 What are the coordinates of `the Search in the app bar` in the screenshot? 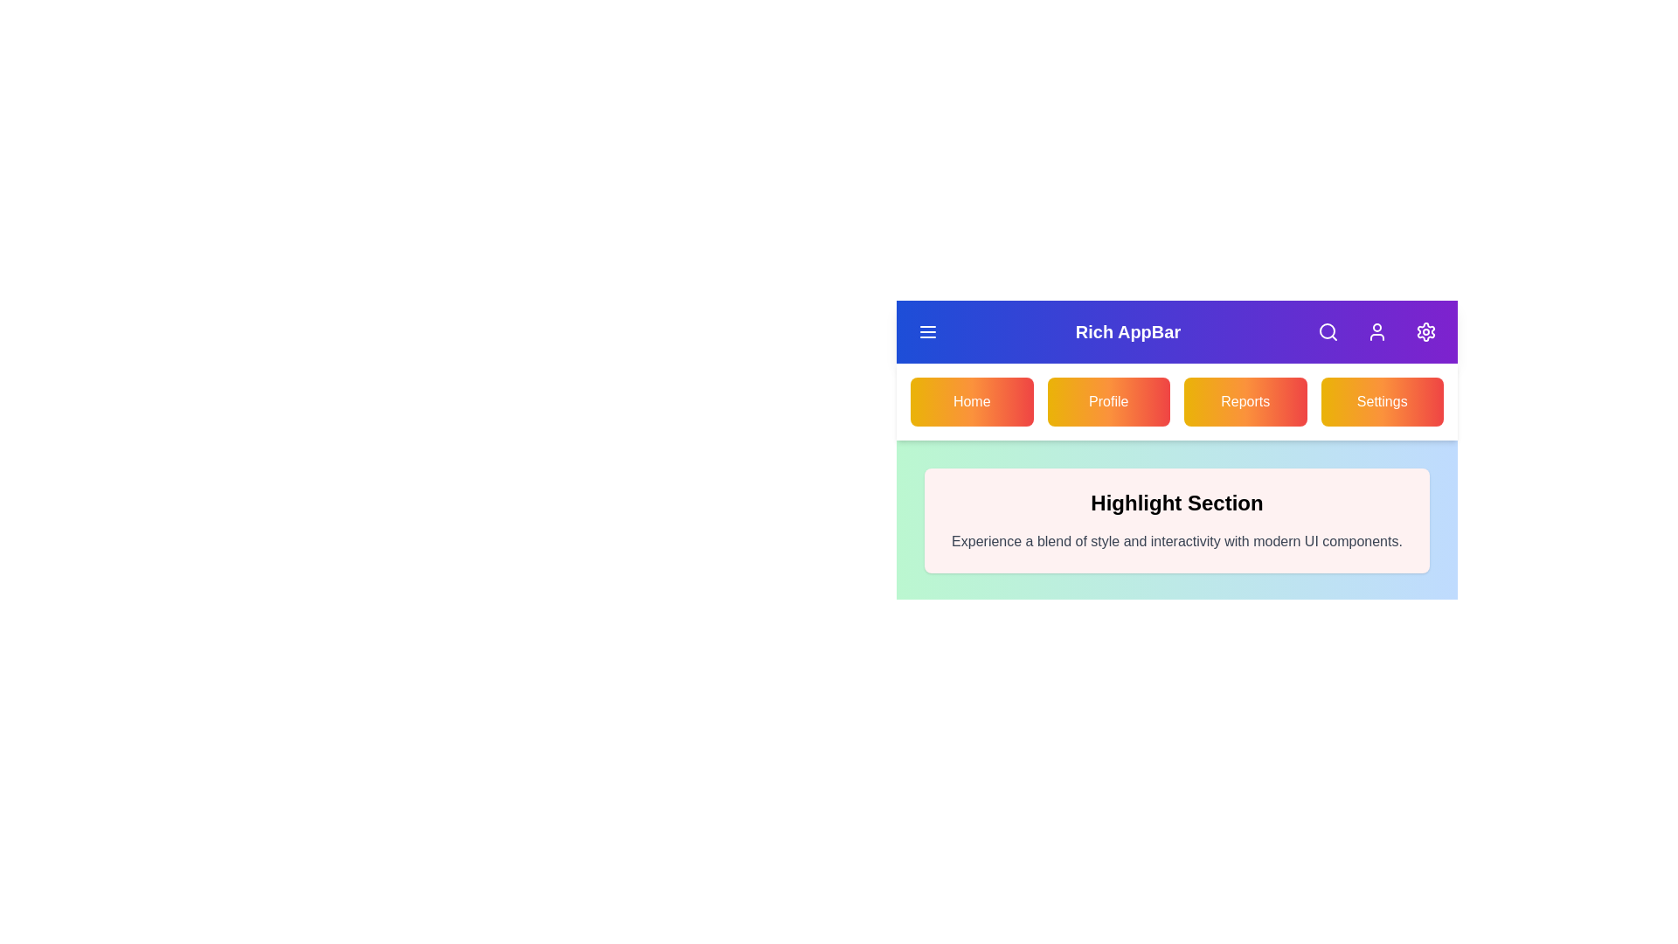 It's located at (1328, 332).